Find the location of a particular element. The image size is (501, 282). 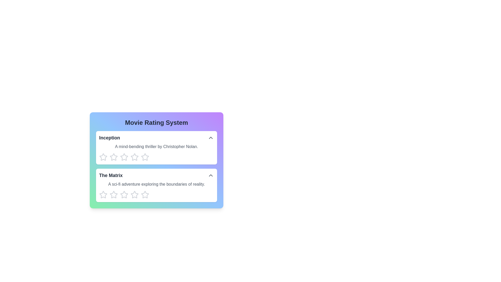

the second star icon used for rating under 'The Matrix' is located at coordinates (134, 195).